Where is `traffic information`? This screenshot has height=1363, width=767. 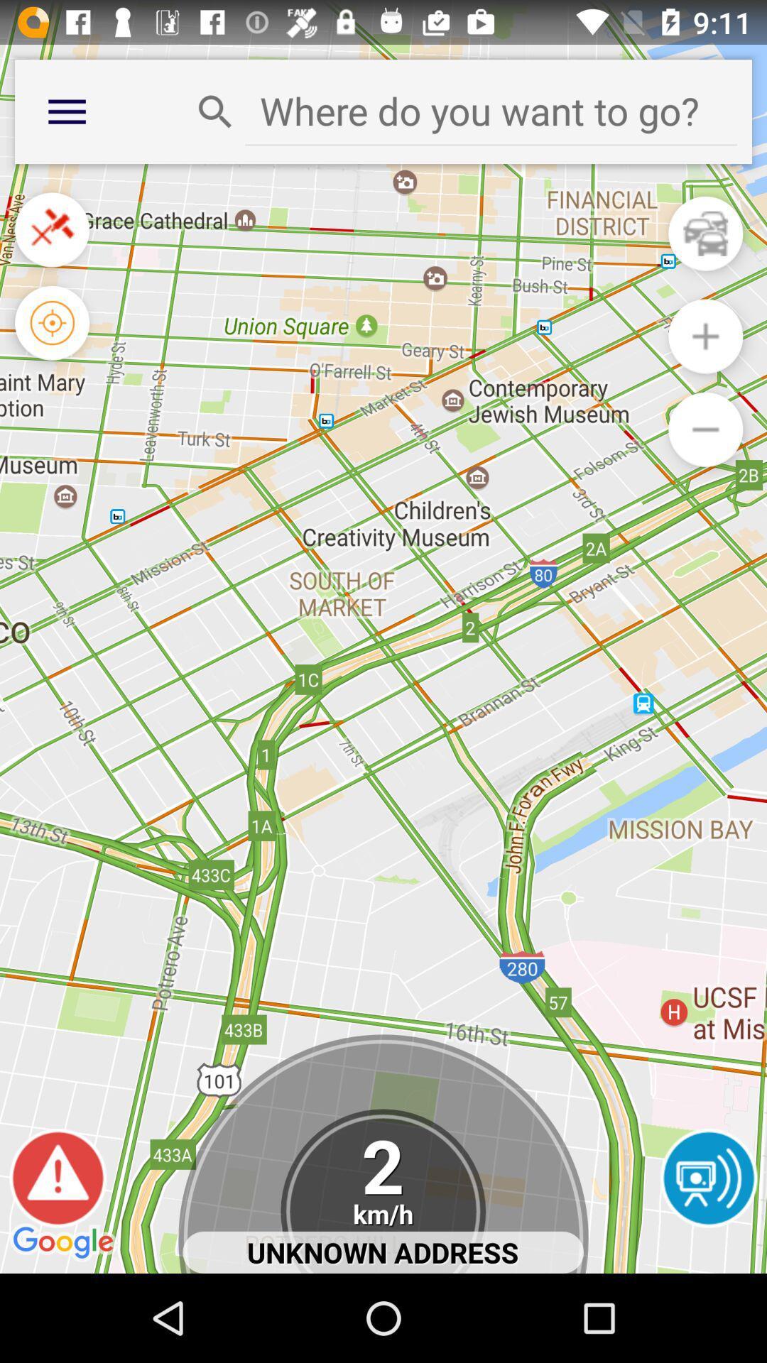
traffic information is located at coordinates (705, 234).